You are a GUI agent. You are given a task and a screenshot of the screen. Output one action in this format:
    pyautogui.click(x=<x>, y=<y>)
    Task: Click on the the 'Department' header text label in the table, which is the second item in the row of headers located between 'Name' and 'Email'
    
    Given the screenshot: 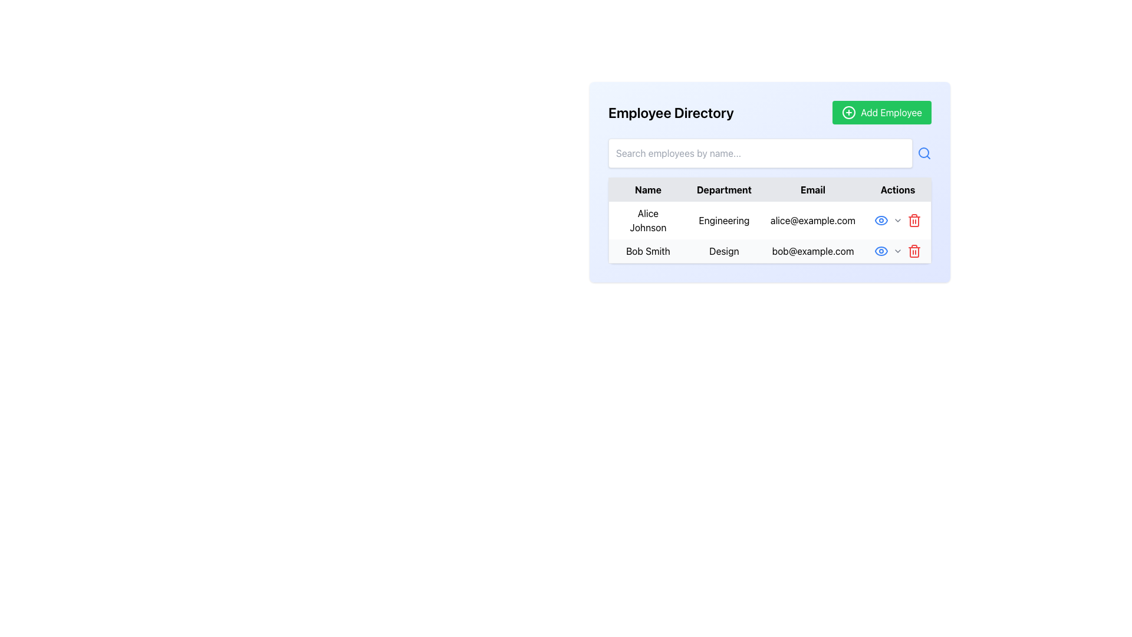 What is the action you would take?
    pyautogui.click(x=723, y=189)
    